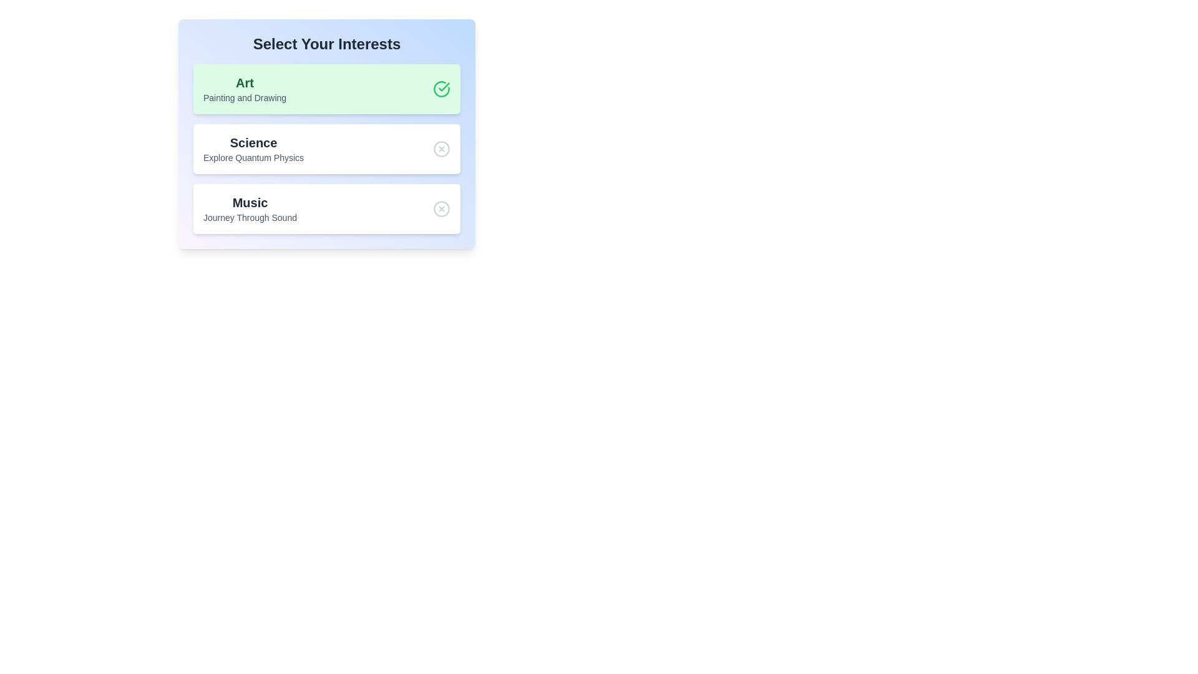 This screenshot has width=1198, height=674. What do you see at coordinates (326, 88) in the screenshot?
I see `the chip labeled Art` at bounding box center [326, 88].